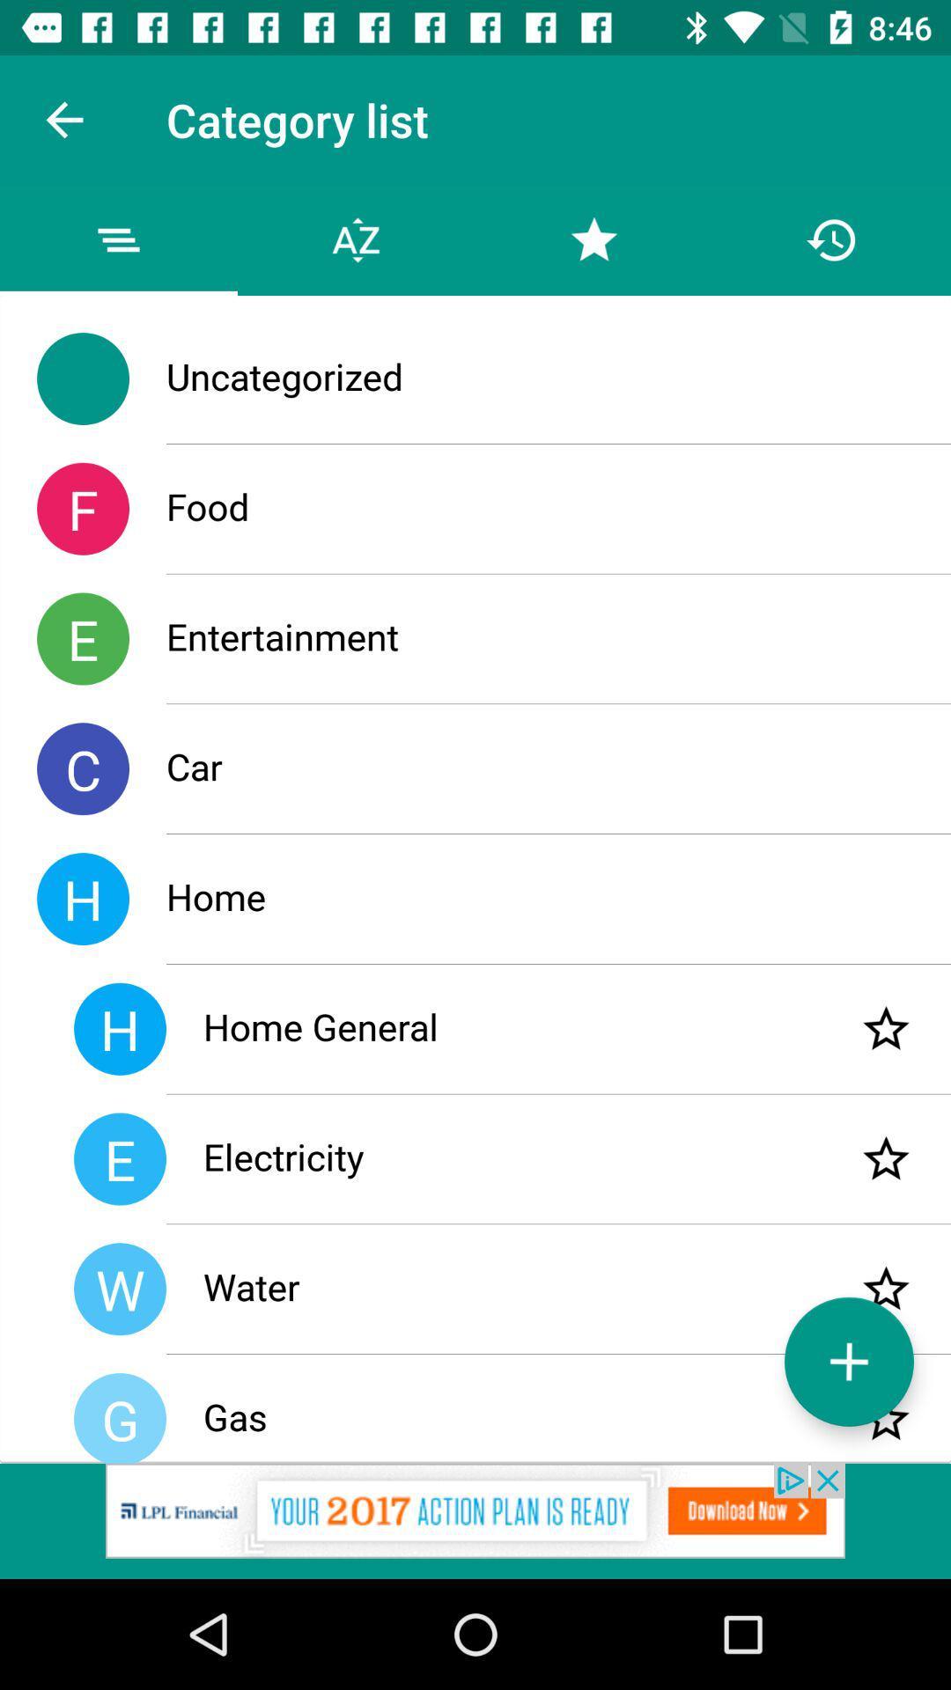 The width and height of the screenshot is (951, 1690). I want to click on to favorites, so click(886, 1419).